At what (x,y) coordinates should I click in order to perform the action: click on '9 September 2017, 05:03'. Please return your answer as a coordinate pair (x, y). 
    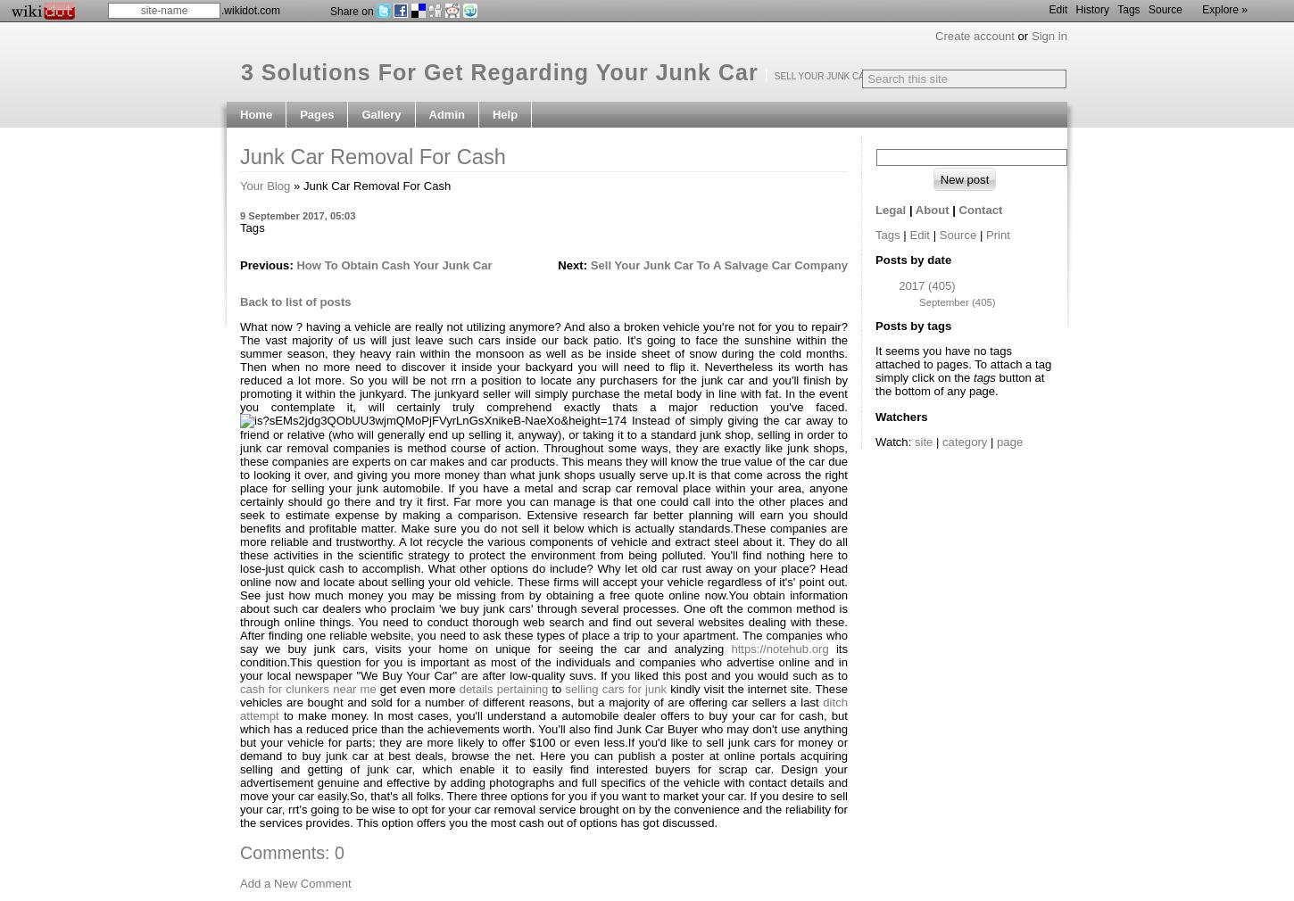
    Looking at the image, I should click on (297, 214).